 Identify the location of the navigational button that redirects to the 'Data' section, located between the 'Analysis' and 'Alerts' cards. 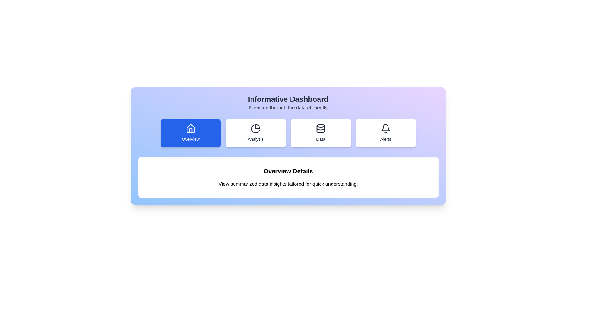
(320, 132).